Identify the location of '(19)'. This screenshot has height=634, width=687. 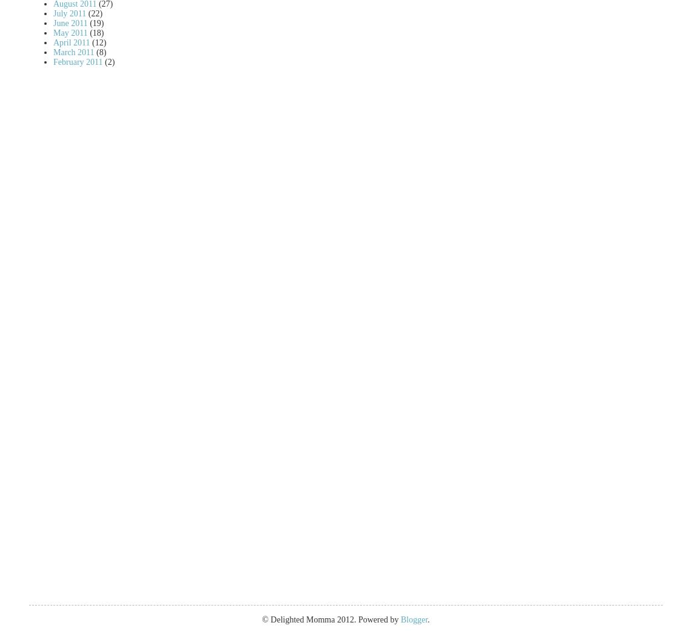
(95, 22).